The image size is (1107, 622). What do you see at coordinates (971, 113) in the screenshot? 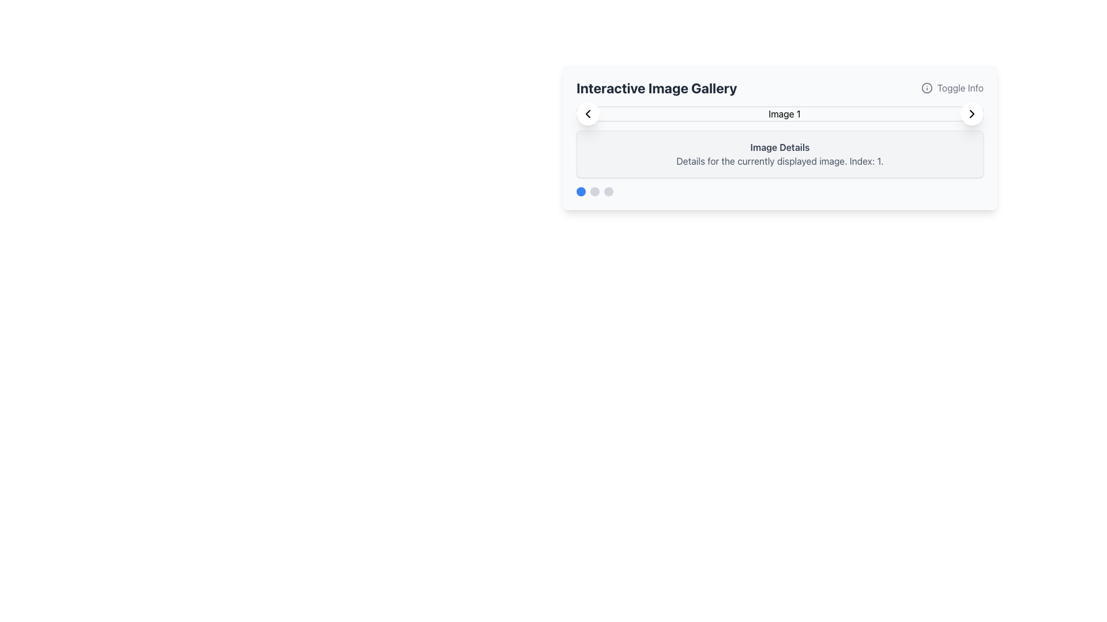
I see `the navigation icon located in the circular button at the top-right corner of the interface` at bounding box center [971, 113].